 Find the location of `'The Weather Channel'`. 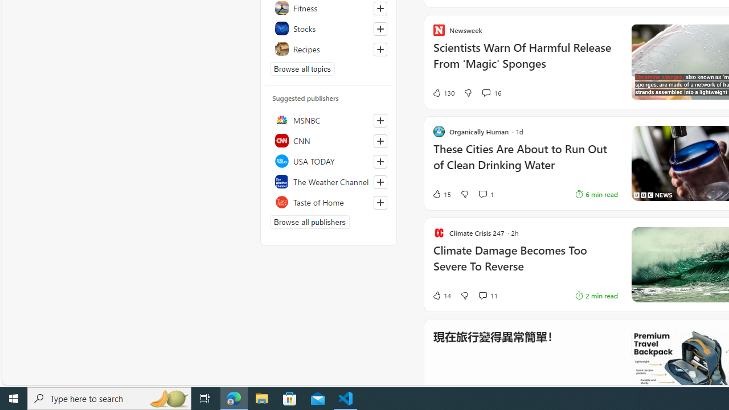

'The Weather Channel' is located at coordinates (328, 181).